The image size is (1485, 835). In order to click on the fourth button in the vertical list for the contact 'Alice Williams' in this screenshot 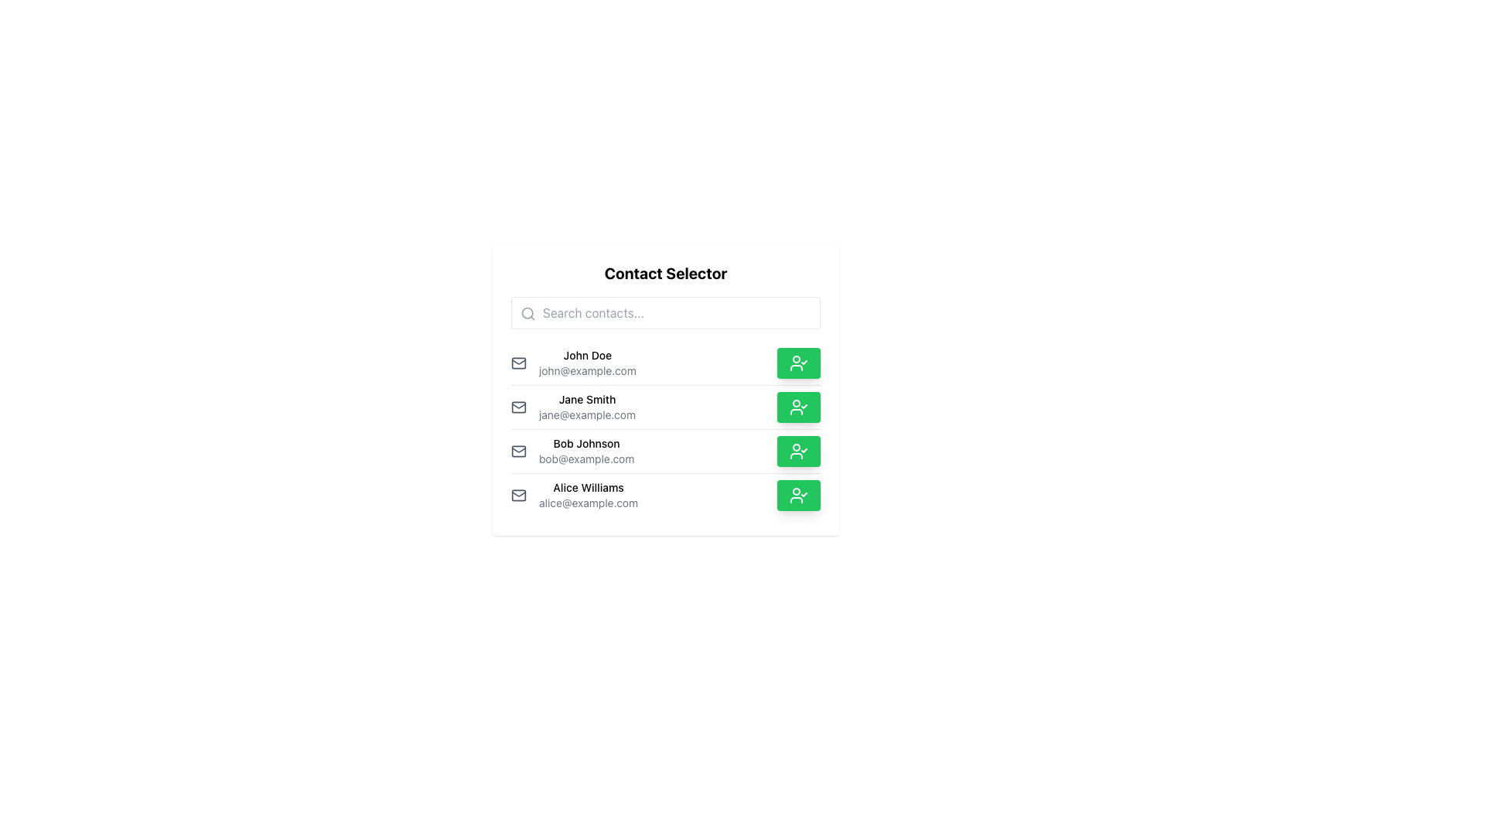, I will do `click(798, 495)`.